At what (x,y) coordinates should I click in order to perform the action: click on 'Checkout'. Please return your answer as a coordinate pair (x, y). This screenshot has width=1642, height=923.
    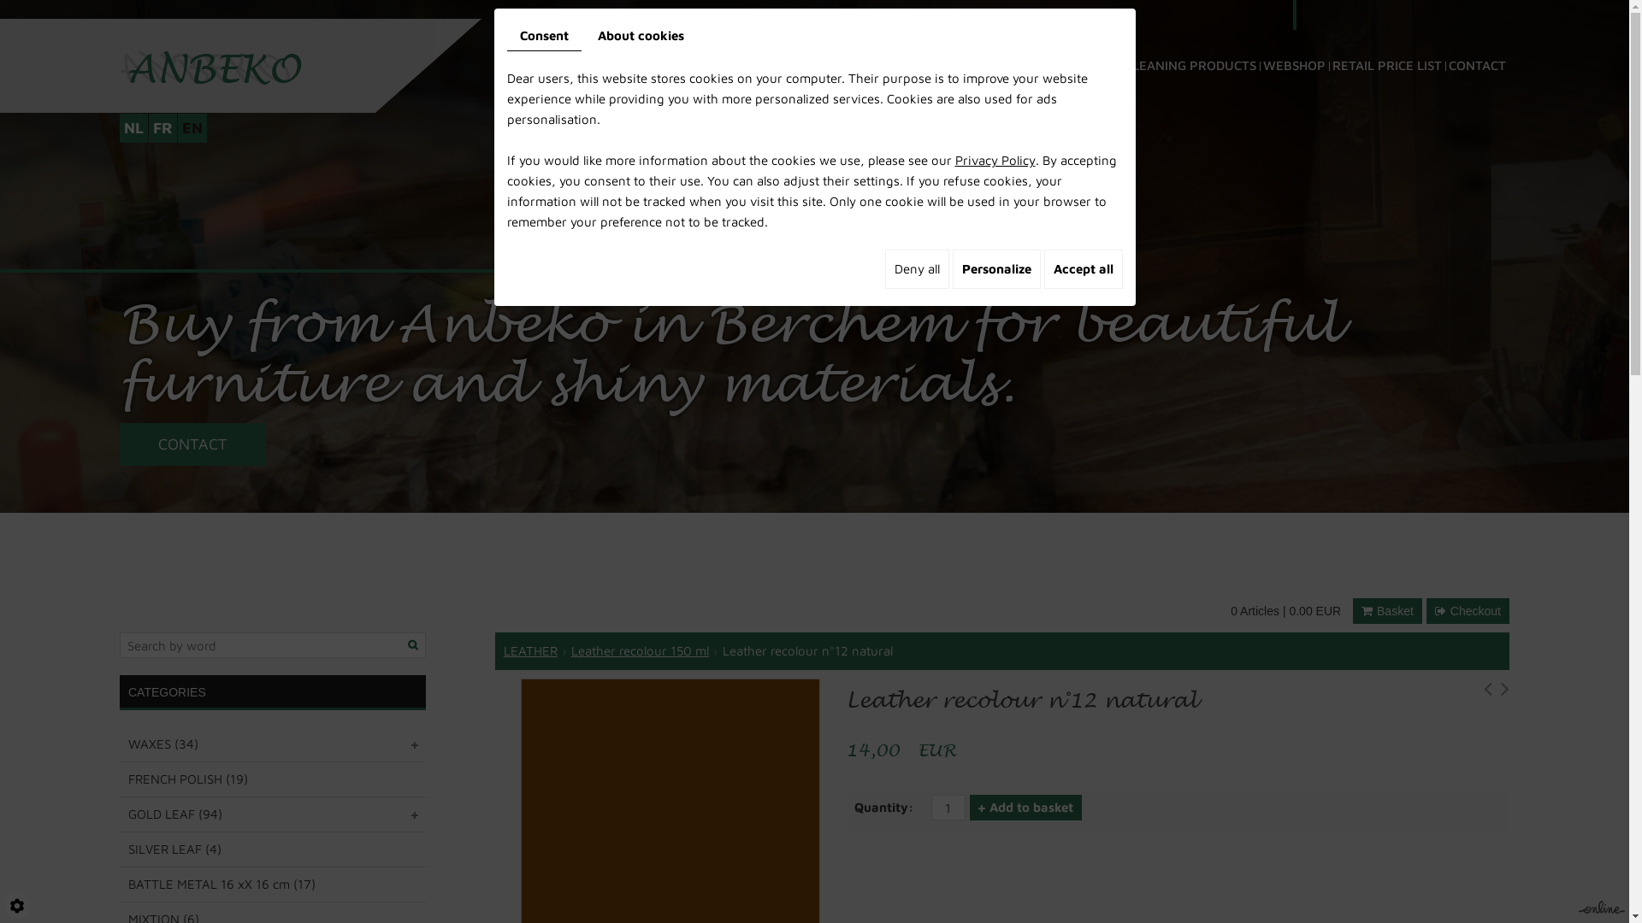
    Looking at the image, I should click on (1426, 609).